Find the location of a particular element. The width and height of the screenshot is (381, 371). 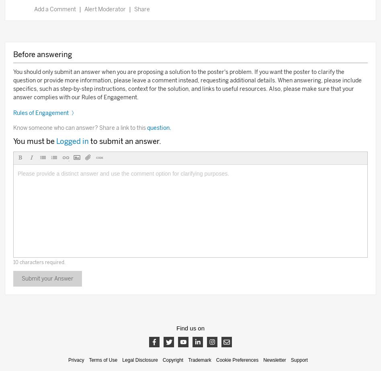

'Please provide a distinct answer and use the comment option for clarifying purposes.' is located at coordinates (123, 173).